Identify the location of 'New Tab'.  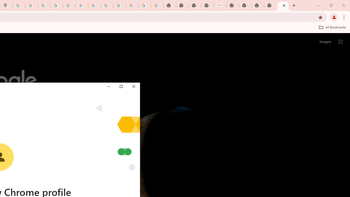
(270, 5).